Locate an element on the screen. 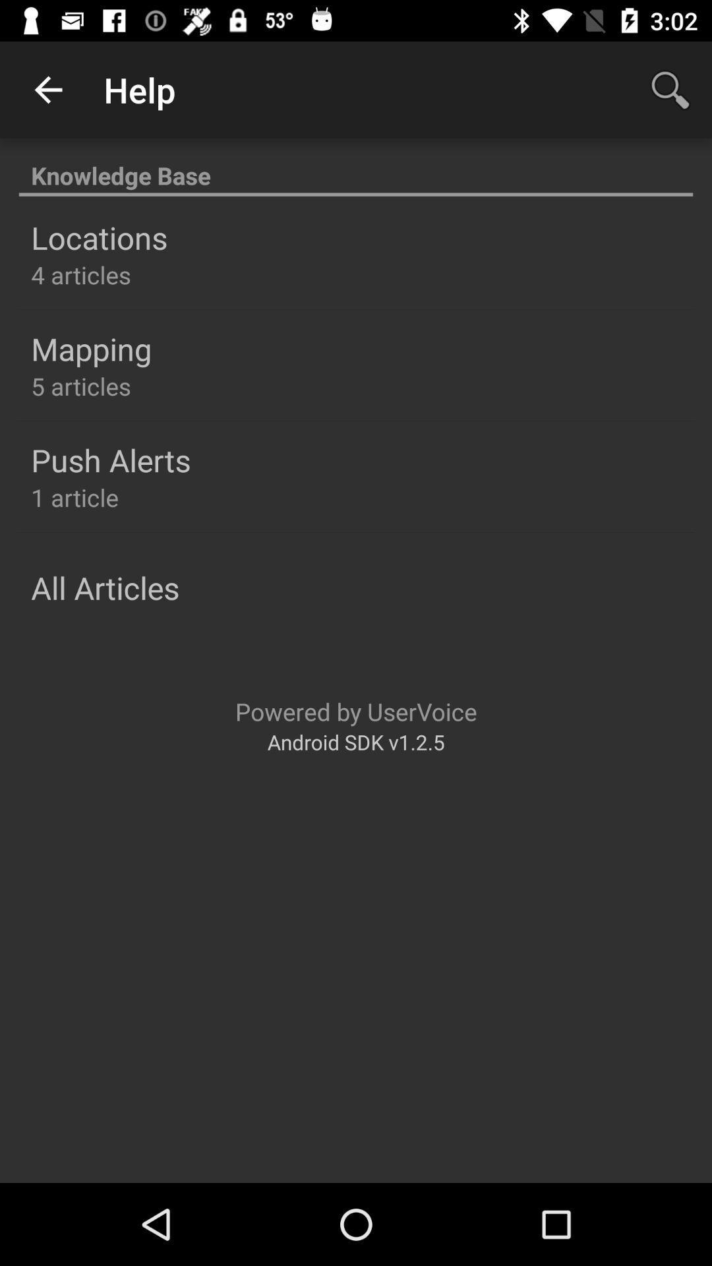 This screenshot has width=712, height=1266. 1 article icon is located at coordinates (74, 497).